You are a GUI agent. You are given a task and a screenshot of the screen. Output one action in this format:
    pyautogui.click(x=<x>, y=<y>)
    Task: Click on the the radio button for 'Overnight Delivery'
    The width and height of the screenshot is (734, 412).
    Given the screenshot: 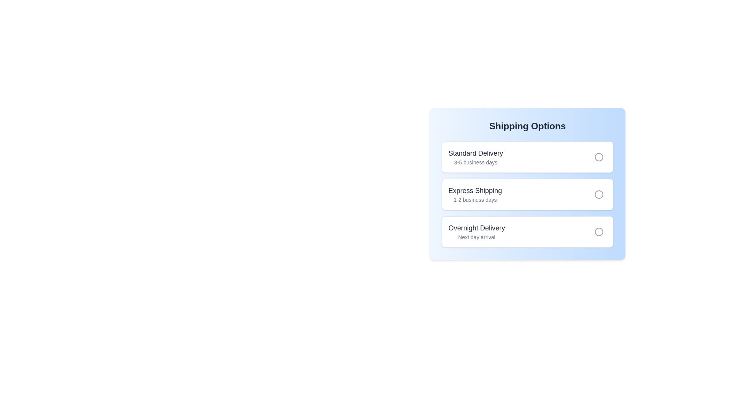 What is the action you would take?
    pyautogui.click(x=598, y=232)
    